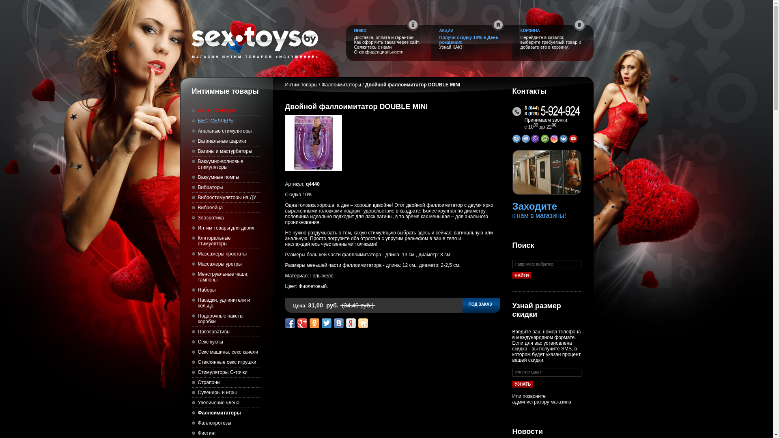 This screenshot has width=779, height=438. Describe the element at coordinates (362, 323) in the screenshot. I see `'Share42.com - Free Social Sharing Buttons Script'` at that location.